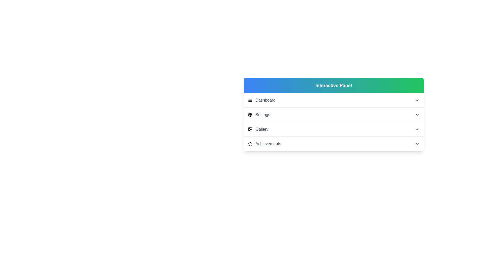 This screenshot has height=275, width=490. What do you see at coordinates (334, 144) in the screenshot?
I see `the 'Achievements' menu item, which is the fourth item in a vertical list` at bounding box center [334, 144].